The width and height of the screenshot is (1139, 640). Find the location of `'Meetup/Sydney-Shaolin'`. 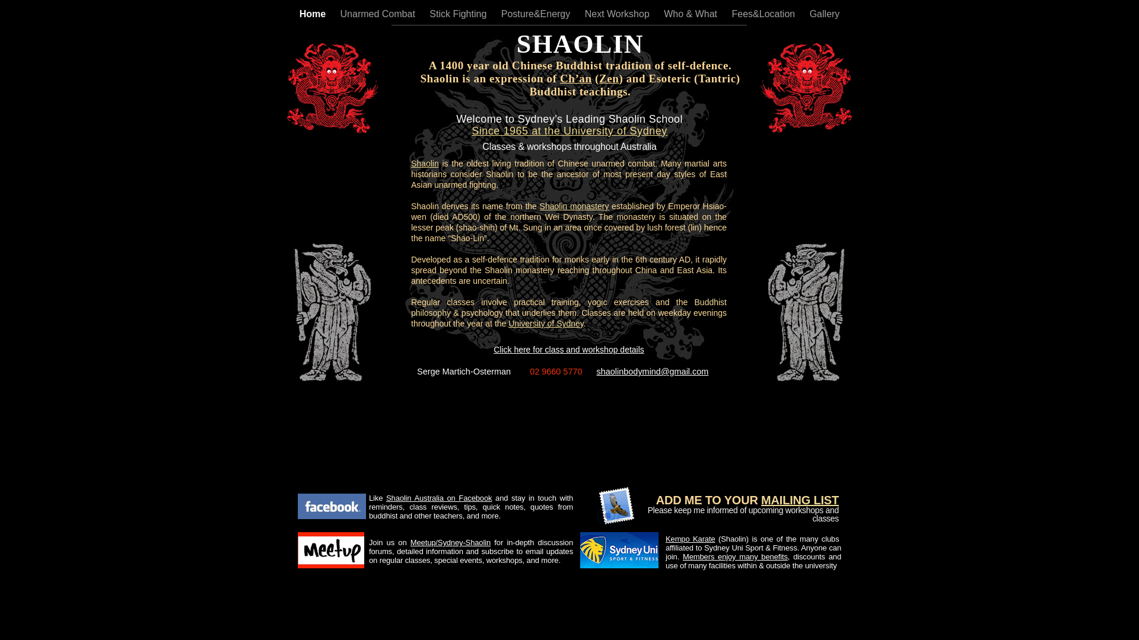

'Meetup/Sydney-Shaolin' is located at coordinates (450, 542).